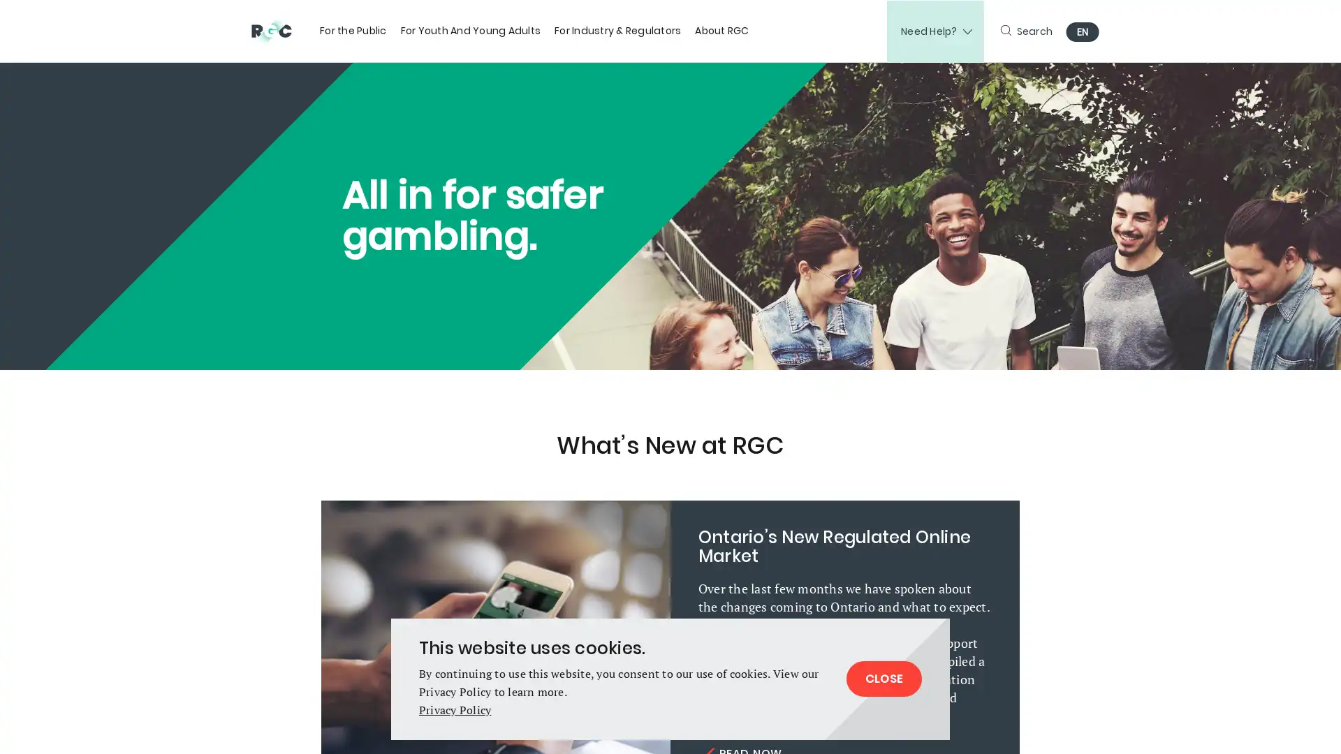 Image resolution: width=1341 pixels, height=754 pixels. I want to click on EN, so click(1081, 31).